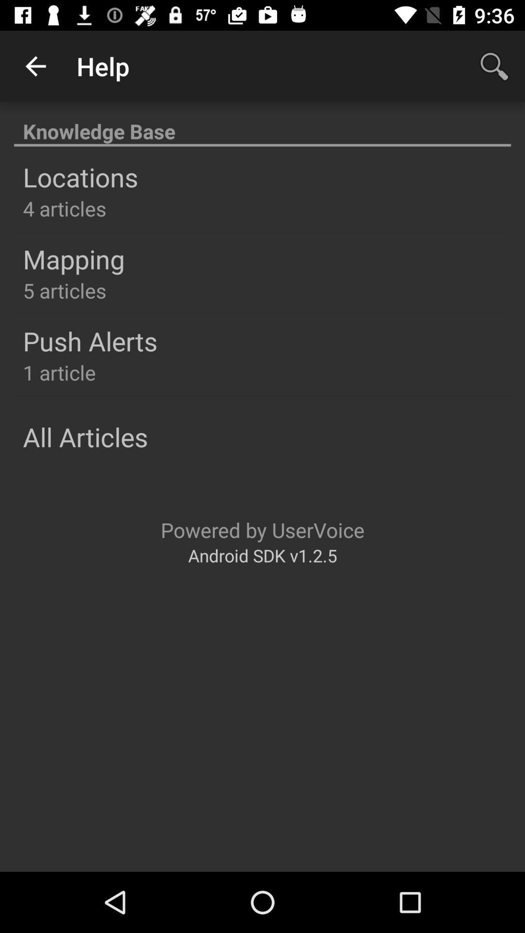 Image resolution: width=525 pixels, height=933 pixels. What do you see at coordinates (35, 66) in the screenshot?
I see `item above knowledge base` at bounding box center [35, 66].